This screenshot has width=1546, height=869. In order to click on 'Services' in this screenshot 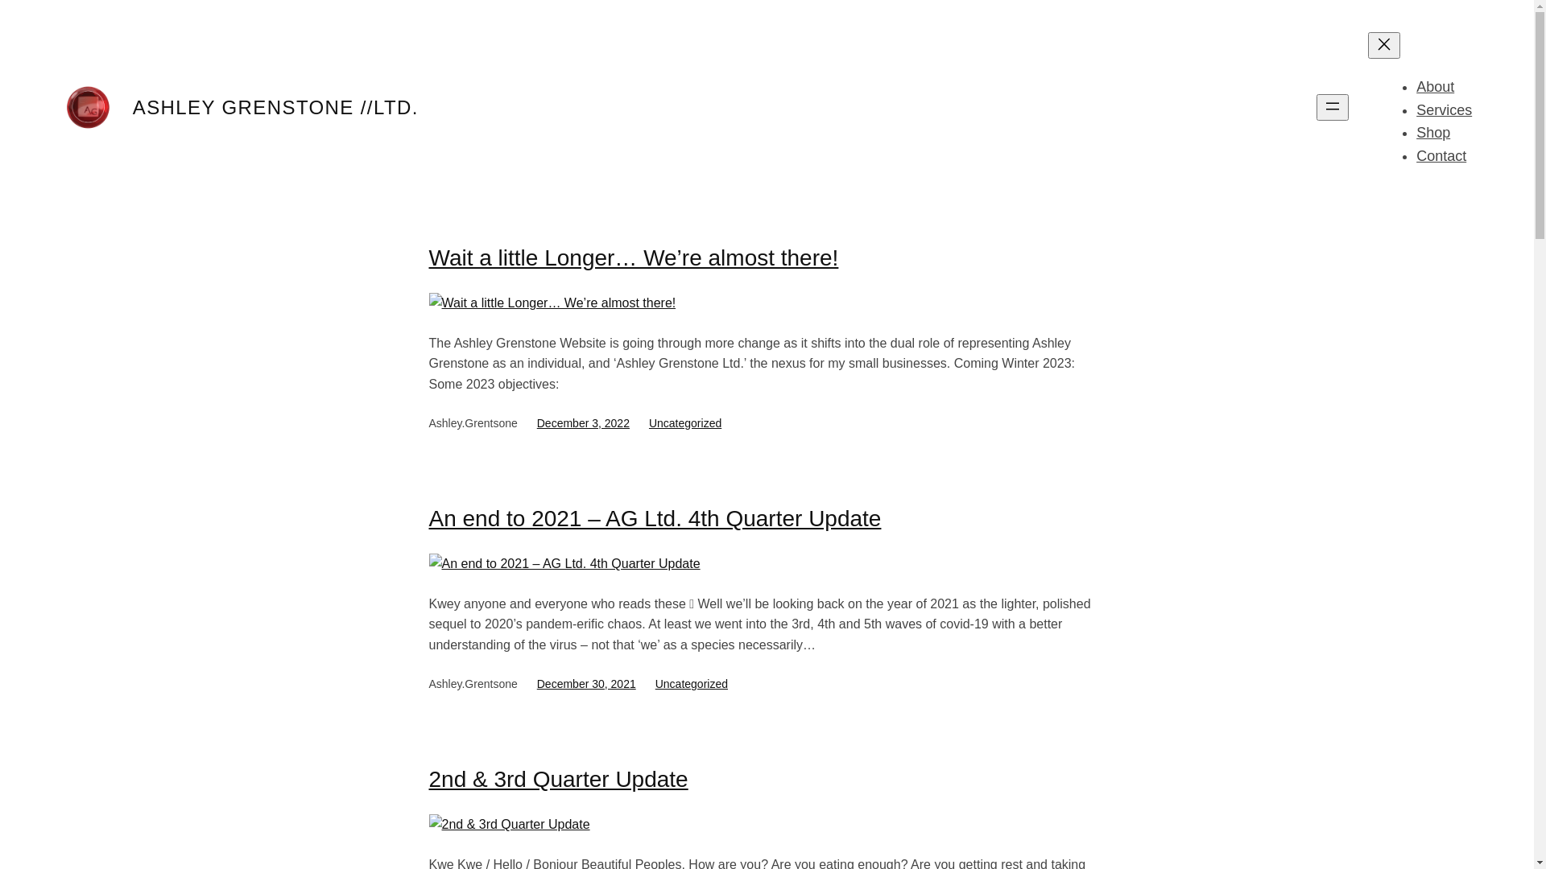, I will do `click(1444, 109)`.